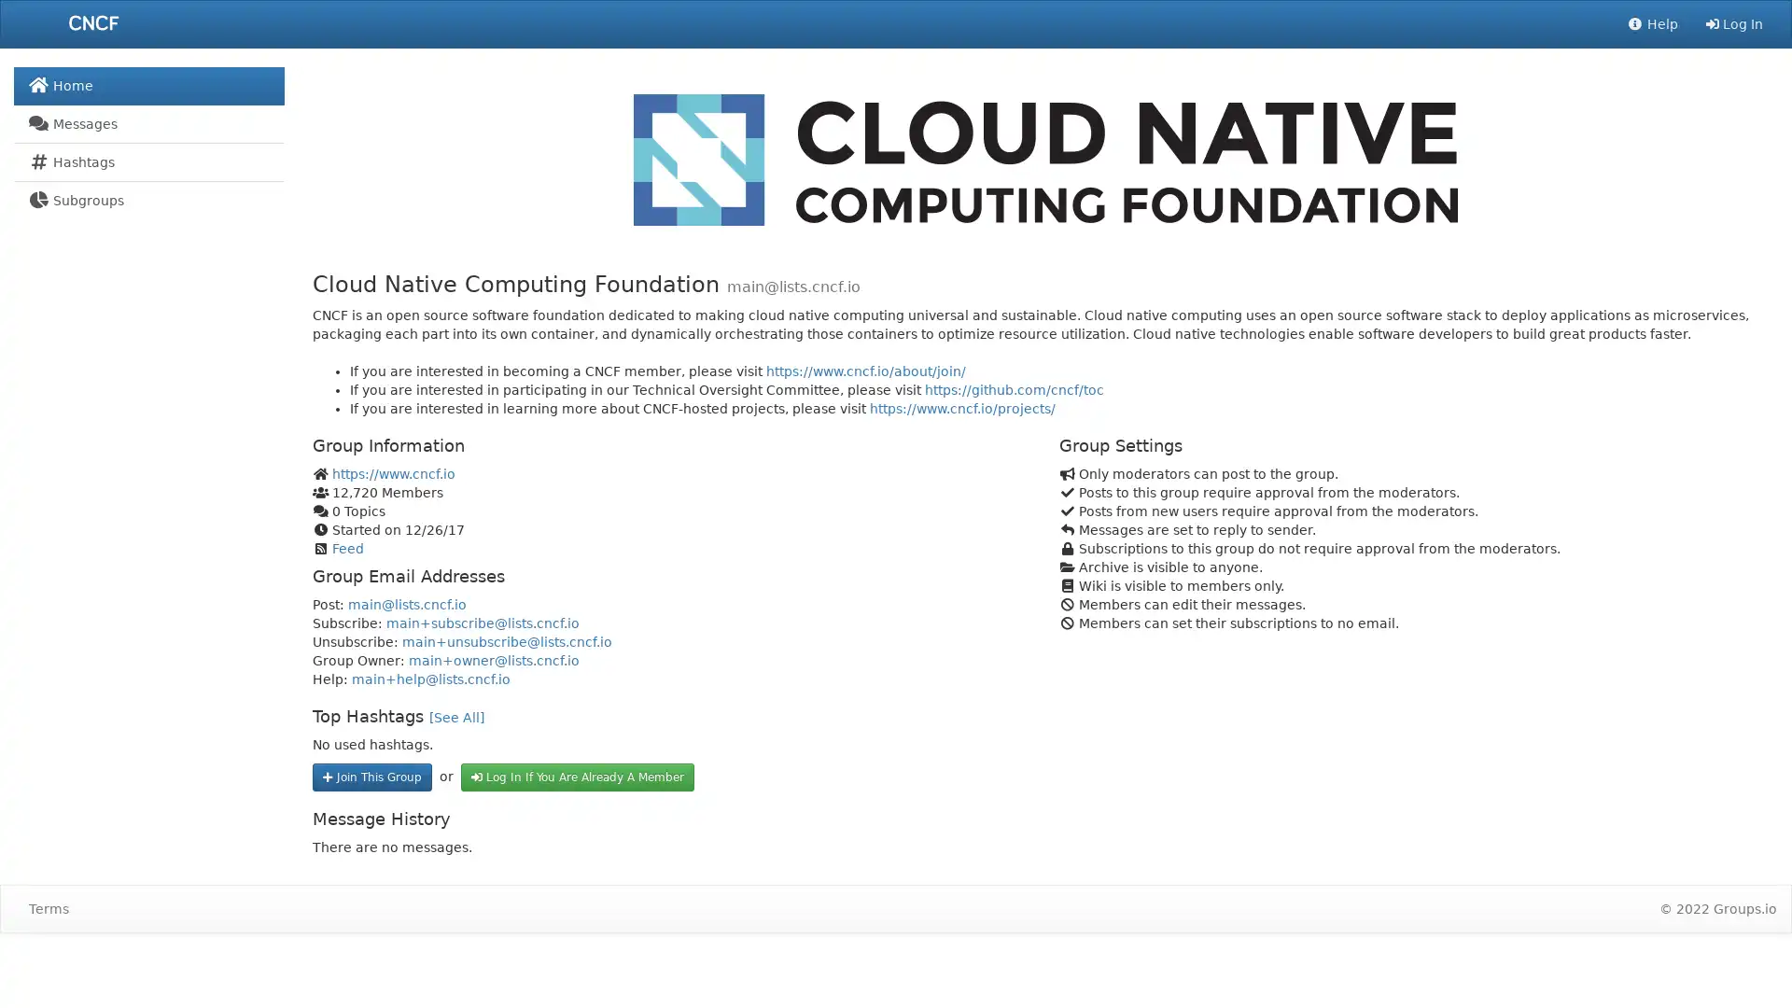 The height and width of the screenshot is (1008, 1792). What do you see at coordinates (371, 777) in the screenshot?
I see `Join This Group` at bounding box center [371, 777].